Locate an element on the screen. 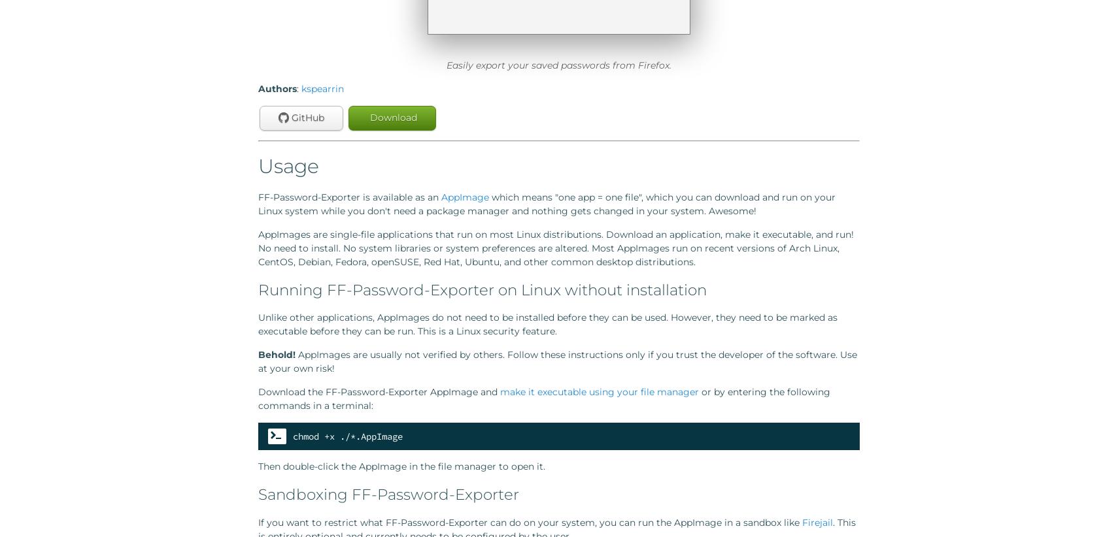 The width and height of the screenshot is (1118, 537). 'Unlike other applications, AppImages do not need to be installed before they can be used. However, they need to be marked as executable before they can be run. This is a Linux security feature.' is located at coordinates (258, 323).